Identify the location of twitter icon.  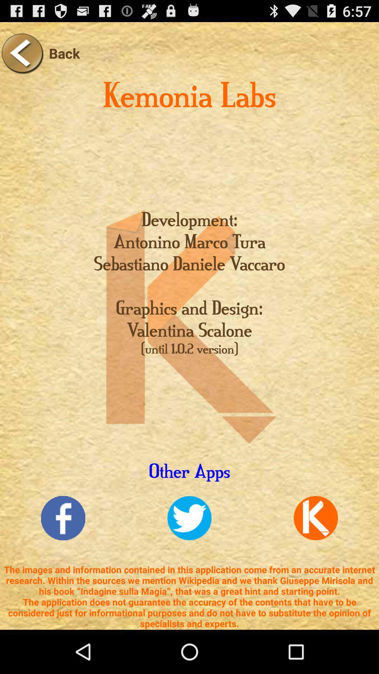
(189, 518).